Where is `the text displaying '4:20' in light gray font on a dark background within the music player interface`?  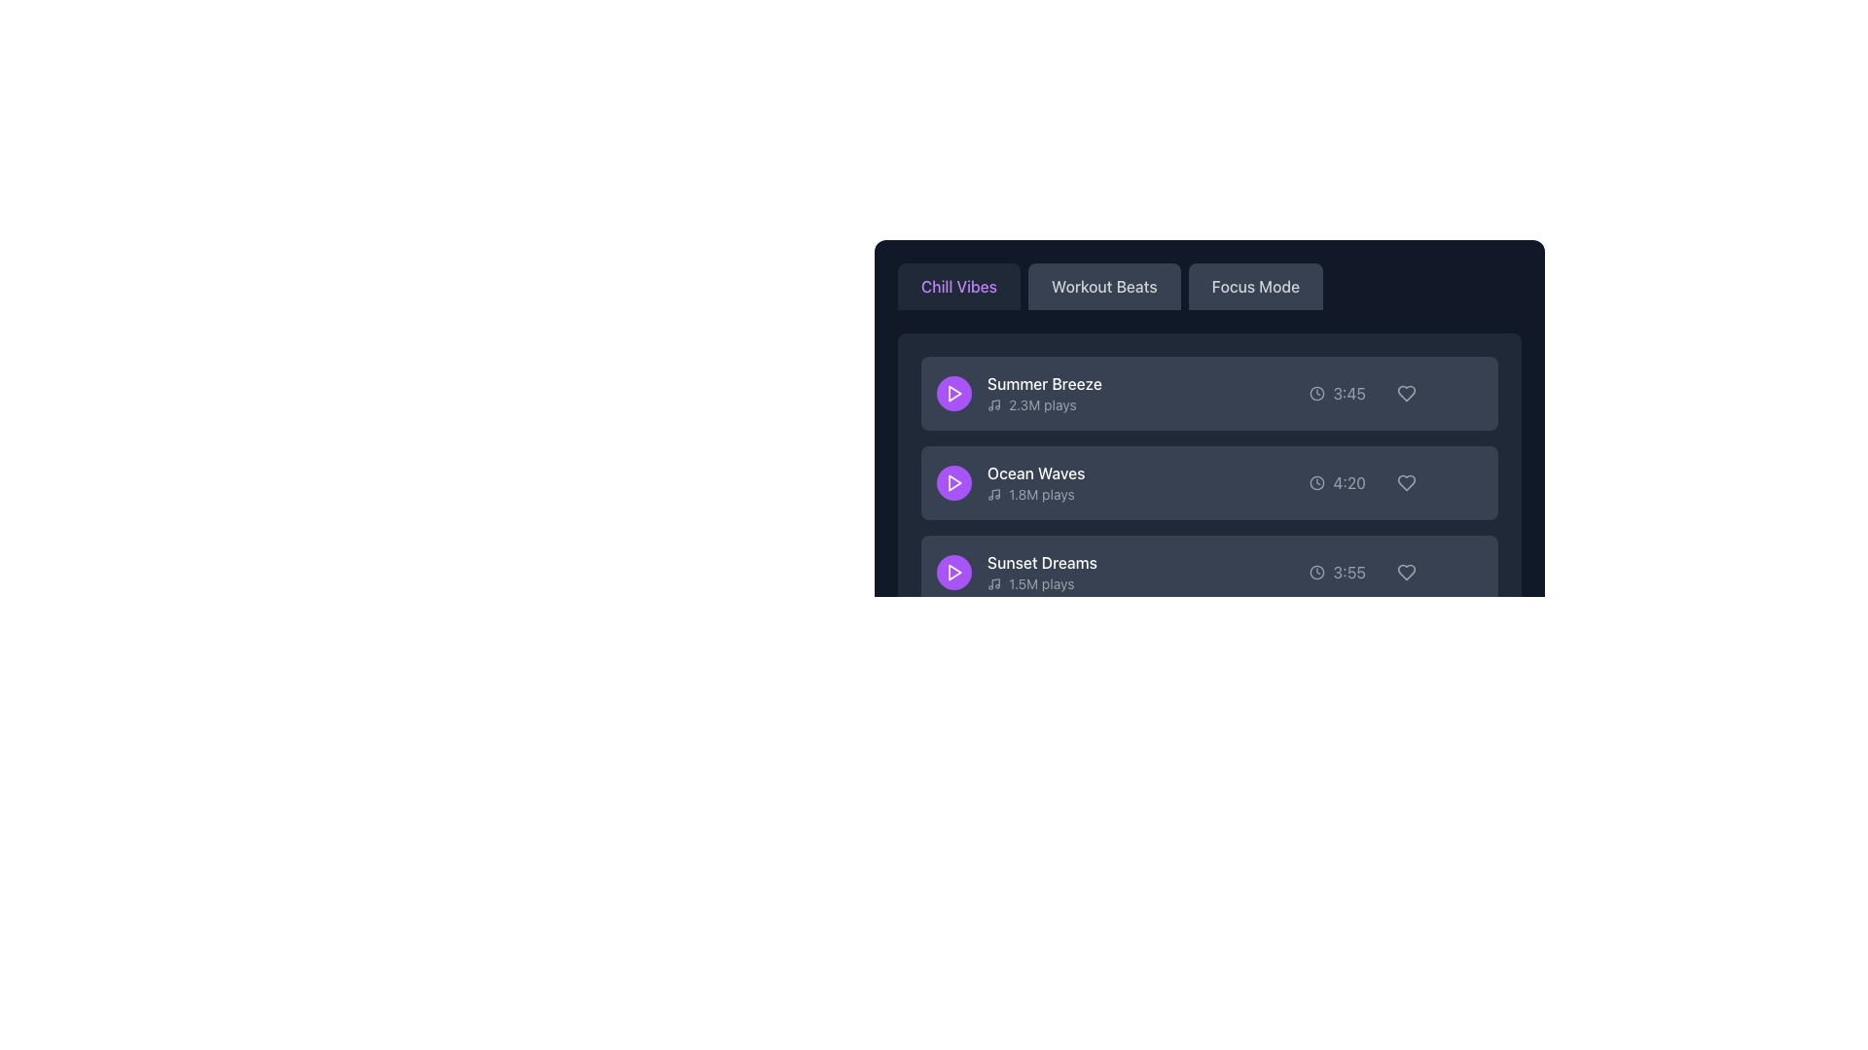
the text displaying '4:20' in light gray font on a dark background within the music player interface is located at coordinates (1348, 482).